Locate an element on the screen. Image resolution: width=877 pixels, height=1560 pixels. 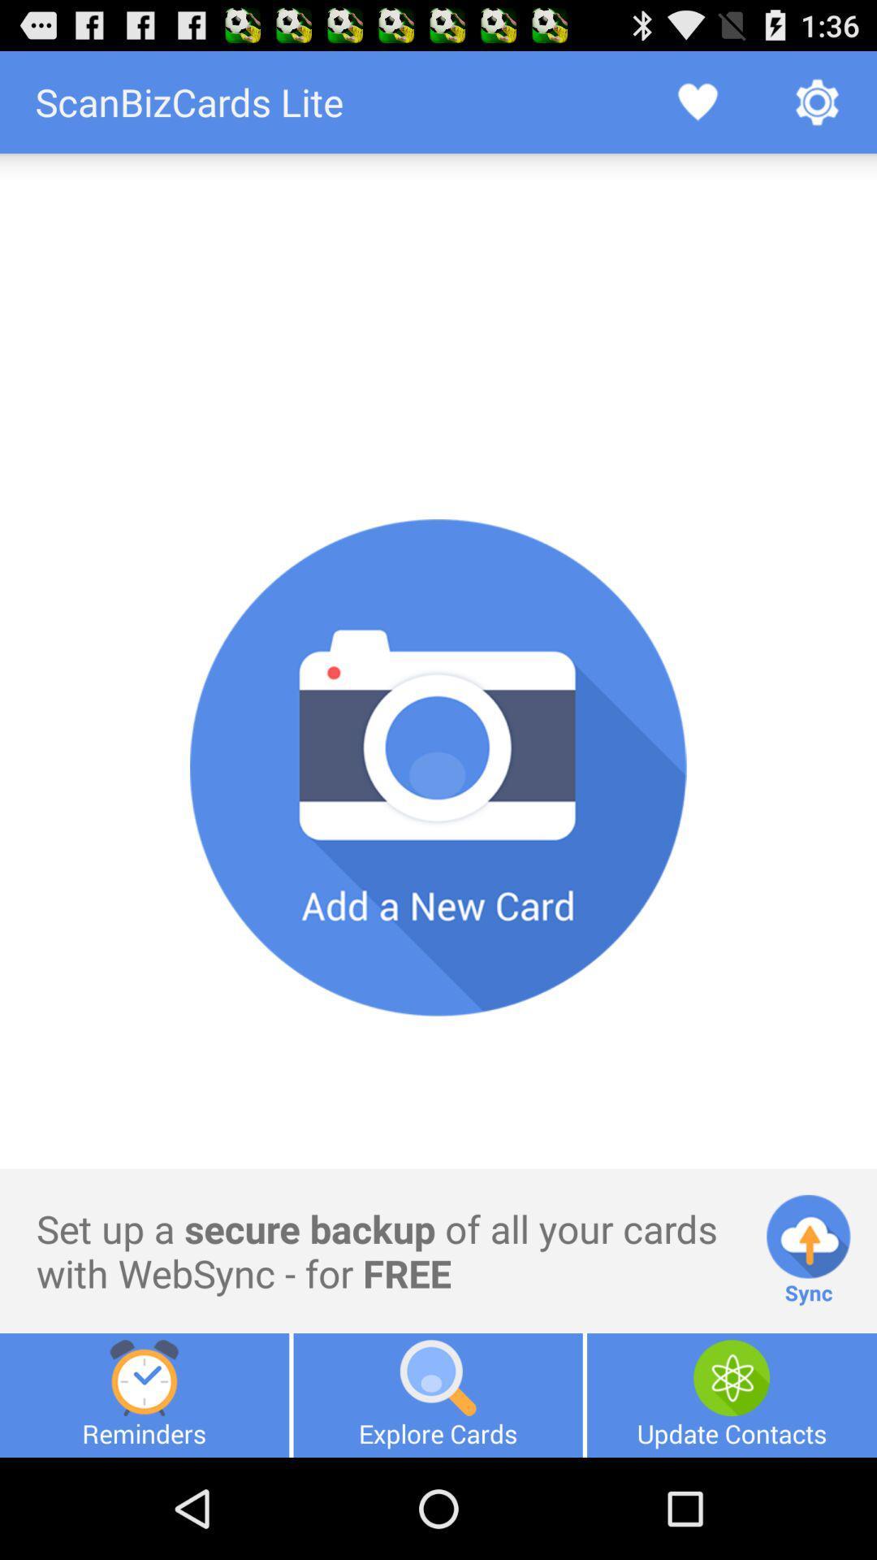
icon above set up a item is located at coordinates (438, 767).